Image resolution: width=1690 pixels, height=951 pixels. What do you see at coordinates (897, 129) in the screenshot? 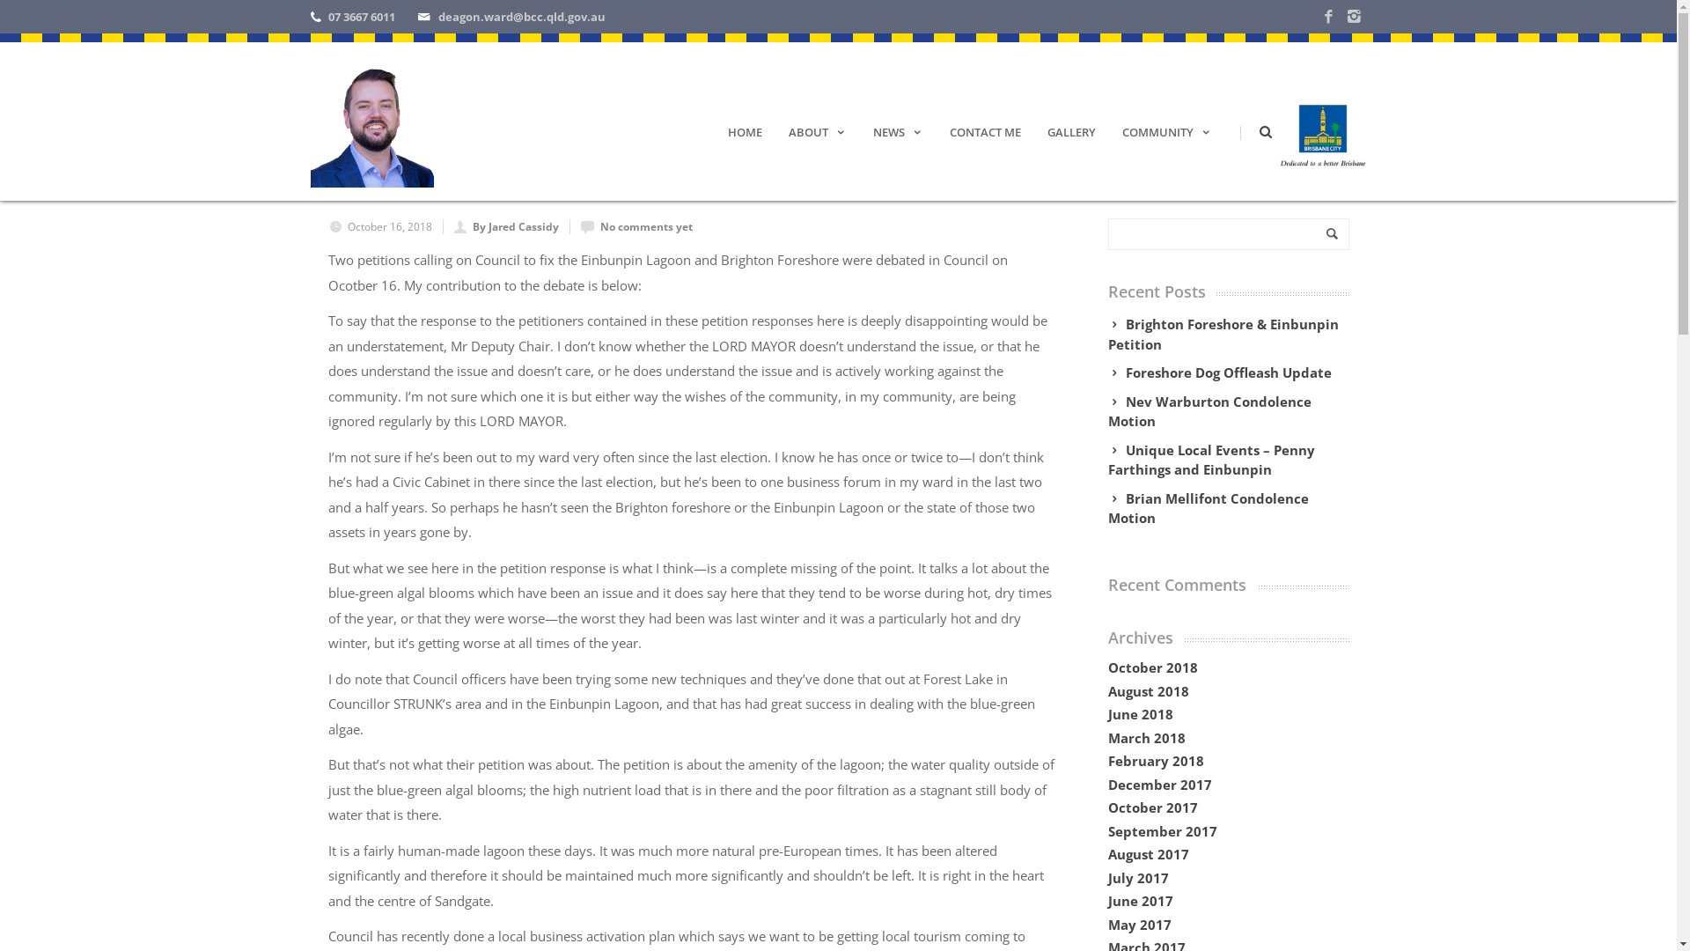
I see `'NEWS'` at bounding box center [897, 129].